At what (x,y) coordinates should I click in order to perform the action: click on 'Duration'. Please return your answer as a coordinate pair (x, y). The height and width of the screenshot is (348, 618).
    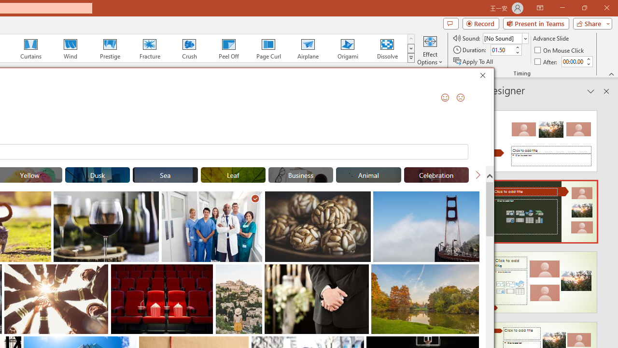
    Looking at the image, I should click on (502, 50).